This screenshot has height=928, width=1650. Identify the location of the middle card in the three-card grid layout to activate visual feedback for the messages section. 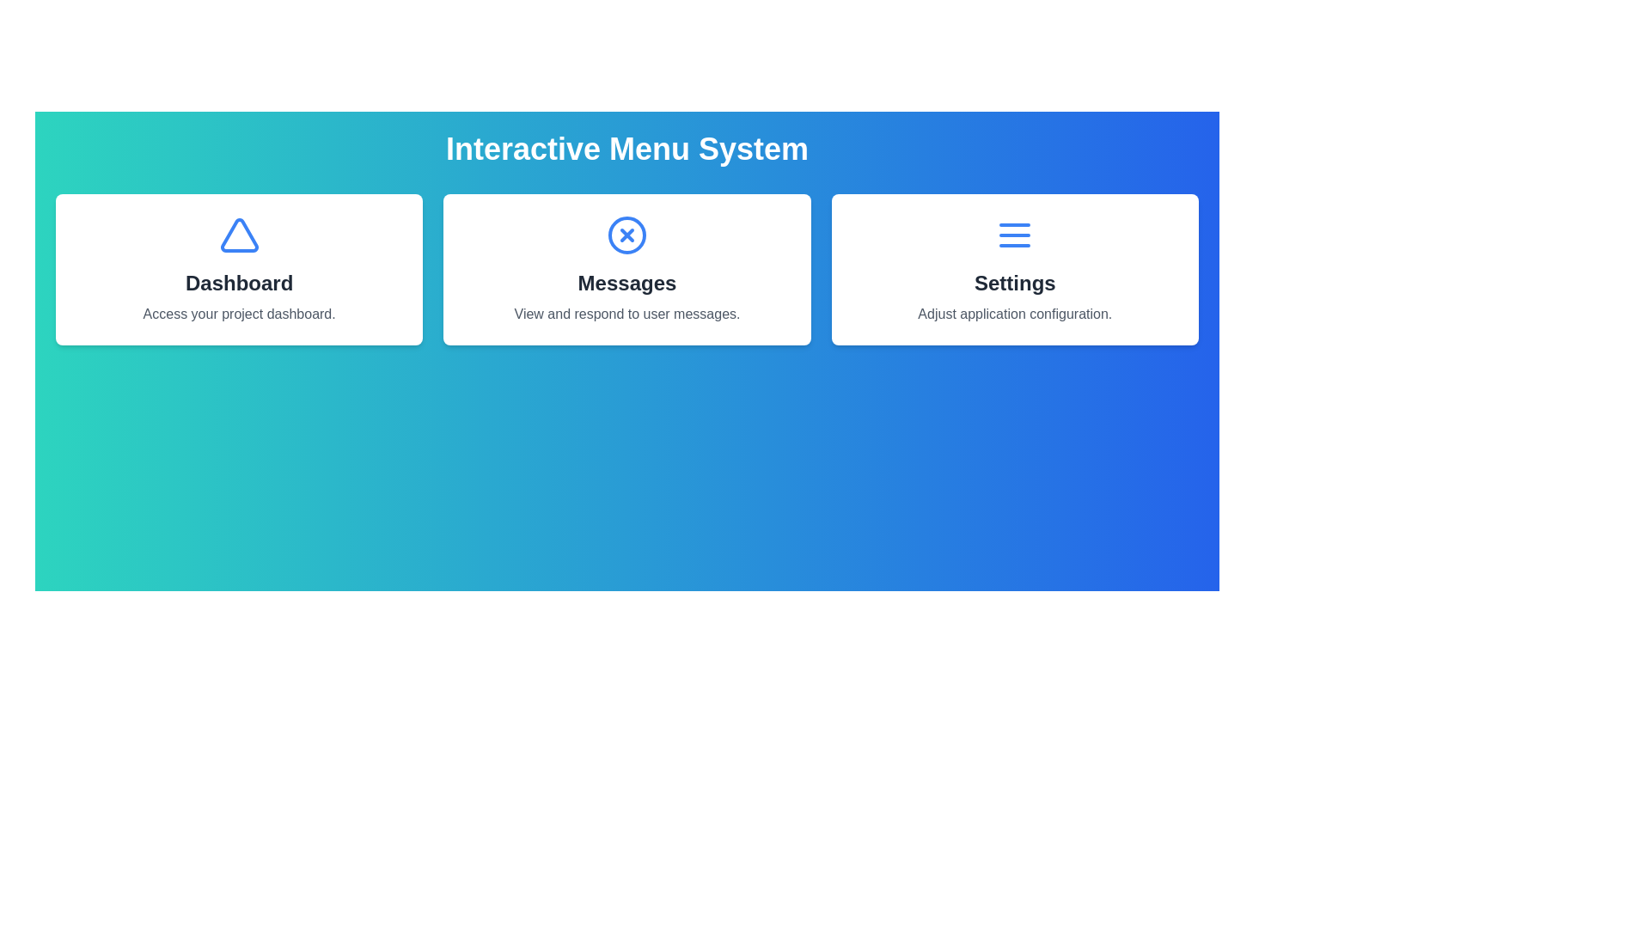
(626, 269).